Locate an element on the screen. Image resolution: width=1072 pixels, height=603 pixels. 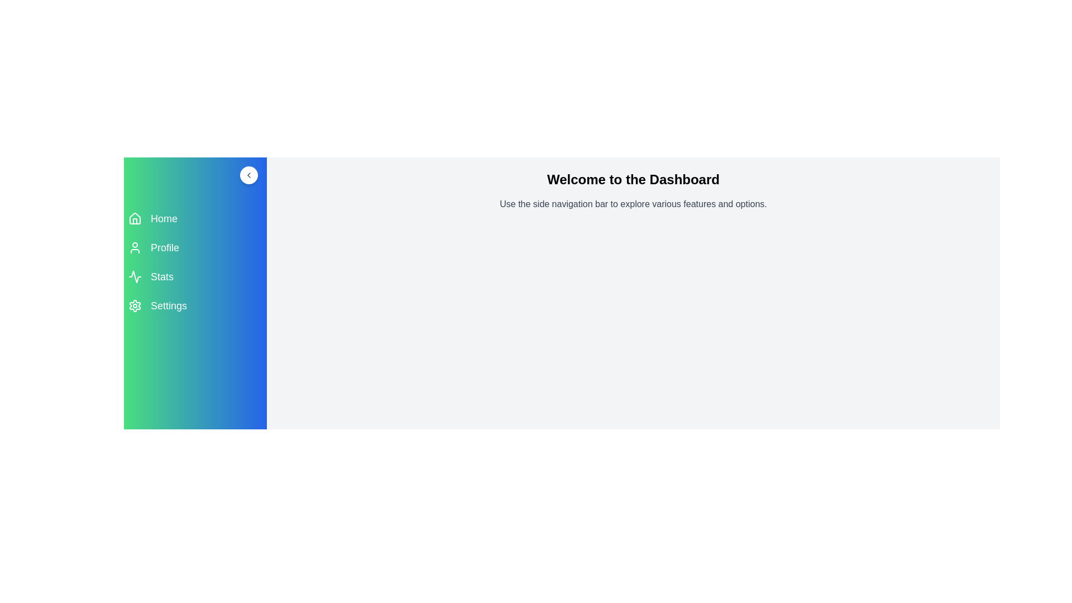
the 'Profile' label text, which is styled in white sans-serif font and located in the left-side navigation panel, below 'Home' and above 'Stats' is located at coordinates (164, 247).